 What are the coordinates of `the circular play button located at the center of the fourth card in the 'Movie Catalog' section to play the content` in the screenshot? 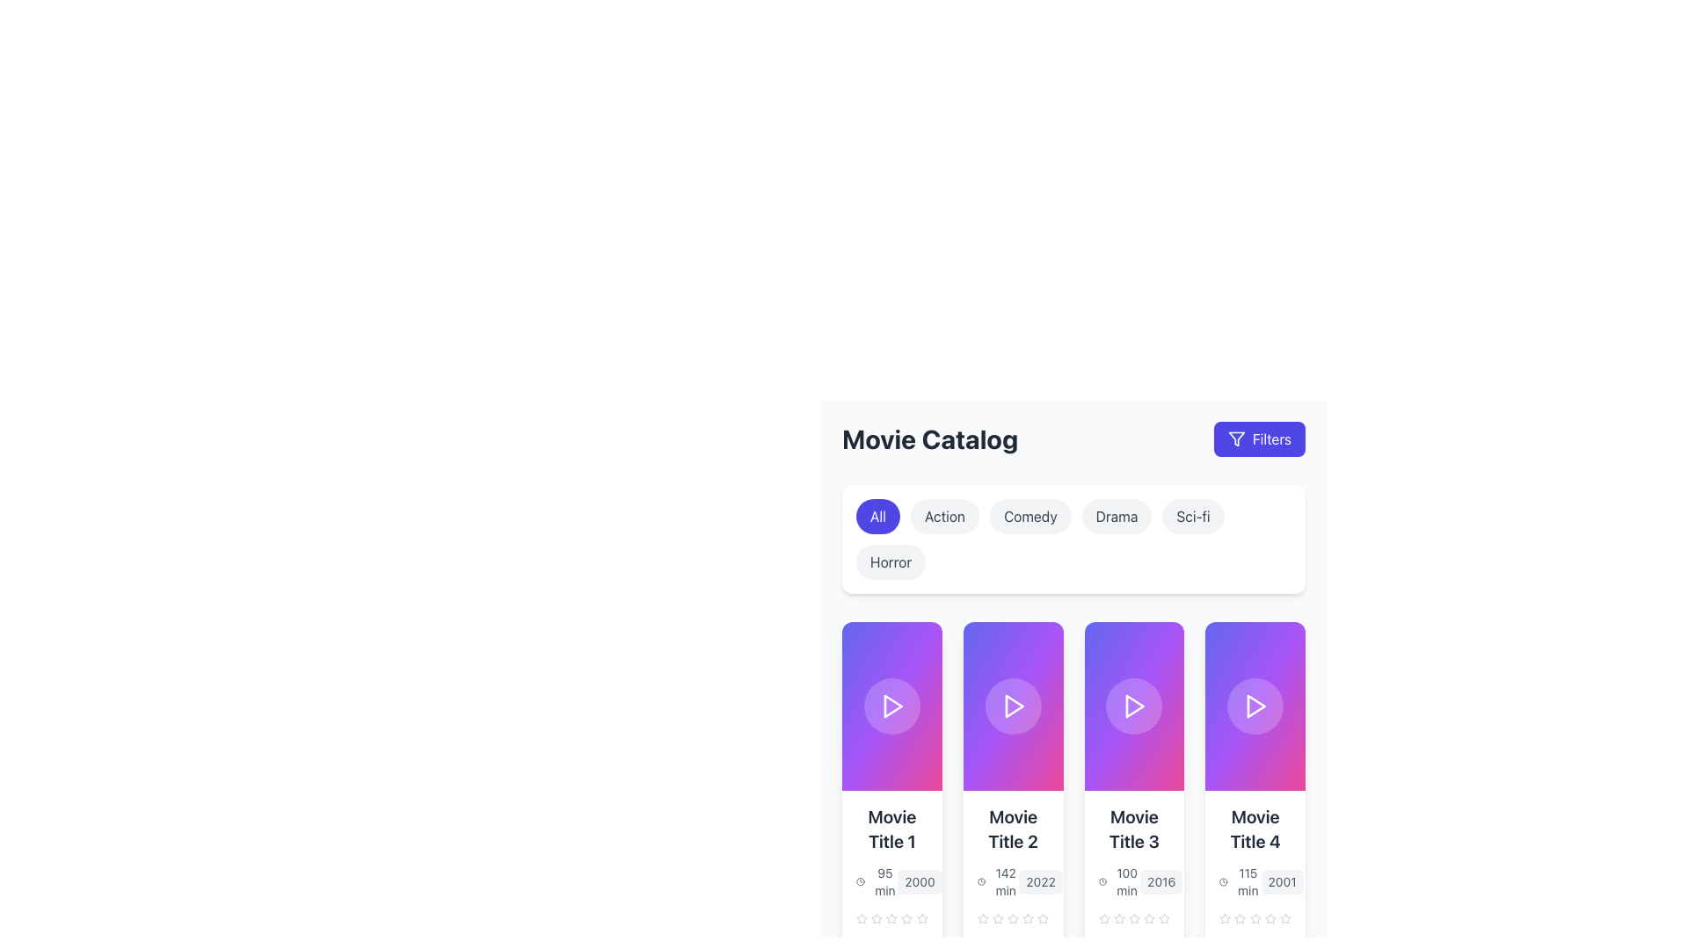 It's located at (1255, 705).